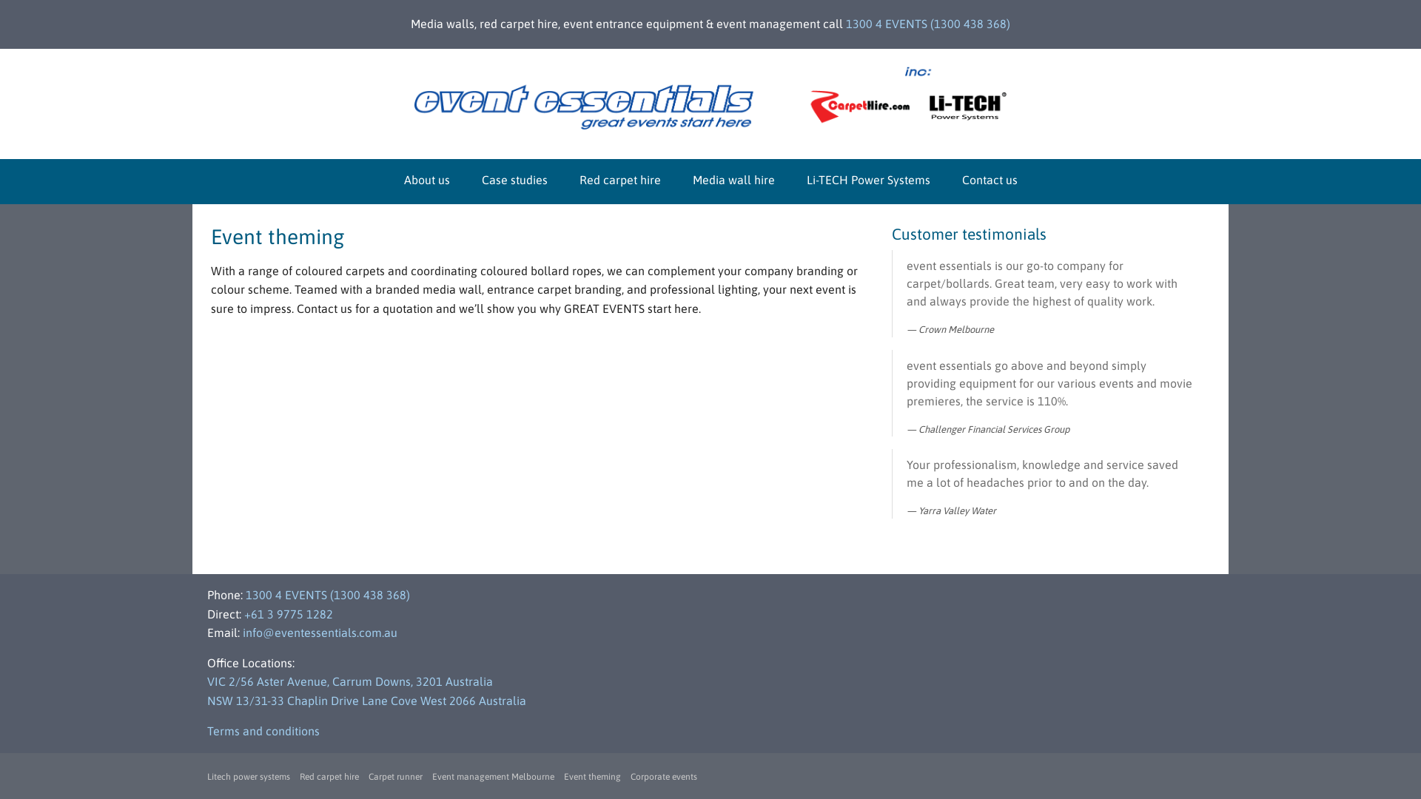  I want to click on 'Li-TECH Power Systems', so click(868, 179).